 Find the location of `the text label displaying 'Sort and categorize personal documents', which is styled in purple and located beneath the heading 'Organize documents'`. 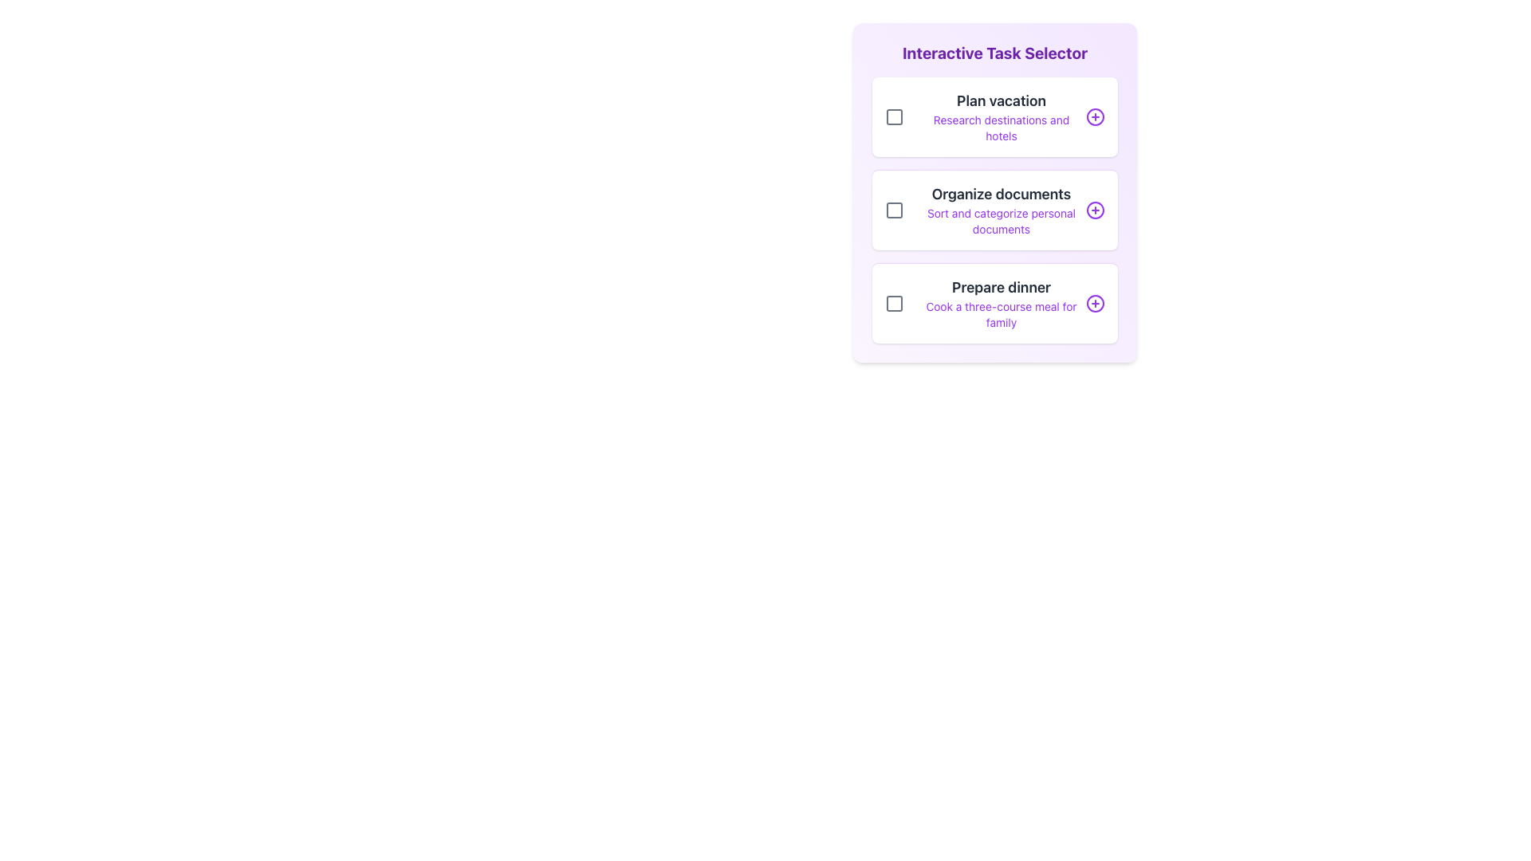

the text label displaying 'Sort and categorize personal documents', which is styled in purple and located beneath the heading 'Organize documents' is located at coordinates (1001, 221).